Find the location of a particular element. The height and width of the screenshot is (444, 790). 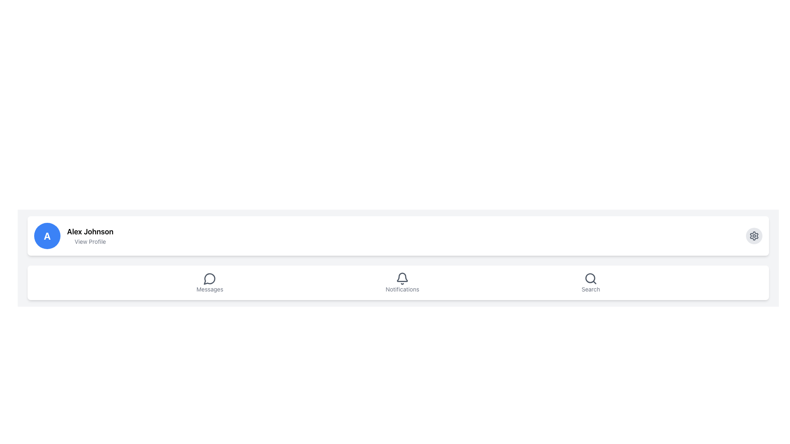

the speech bubble-shaped icon with a gray color and rounded outline, located in the second position of the horizontal navigation bar above the 'Messages' text label is located at coordinates (210, 278).